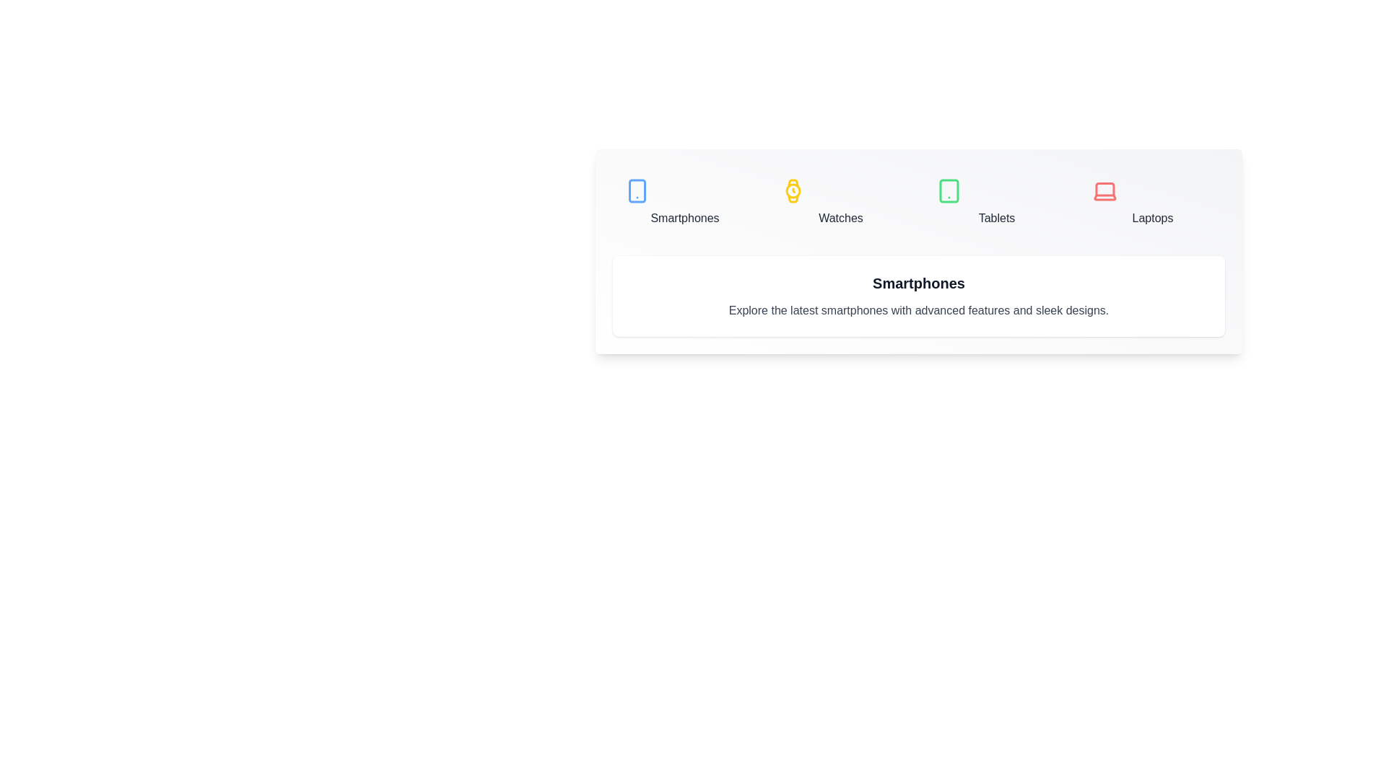  What do you see at coordinates (684, 203) in the screenshot?
I see `the Smartphones tab to view its details` at bounding box center [684, 203].